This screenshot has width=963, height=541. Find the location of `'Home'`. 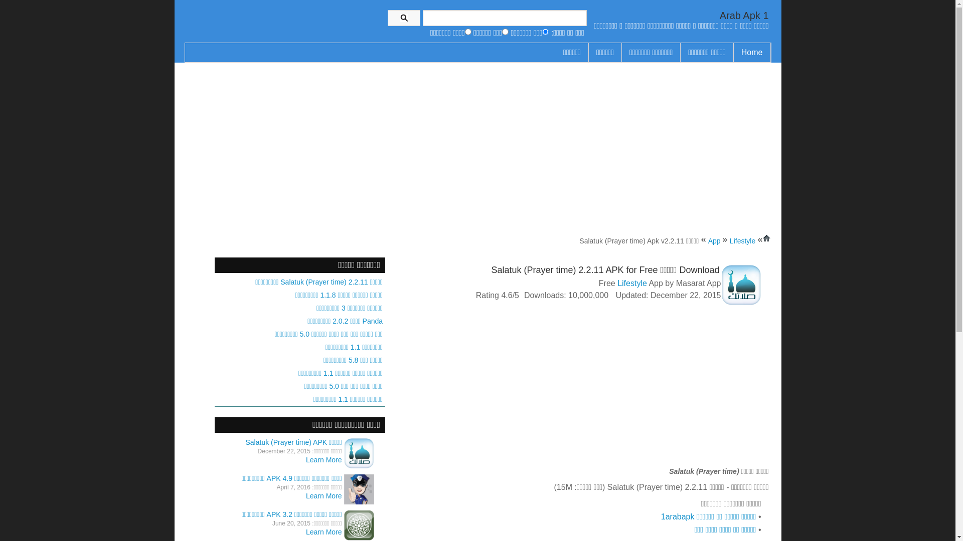

'Home' is located at coordinates (752, 52).